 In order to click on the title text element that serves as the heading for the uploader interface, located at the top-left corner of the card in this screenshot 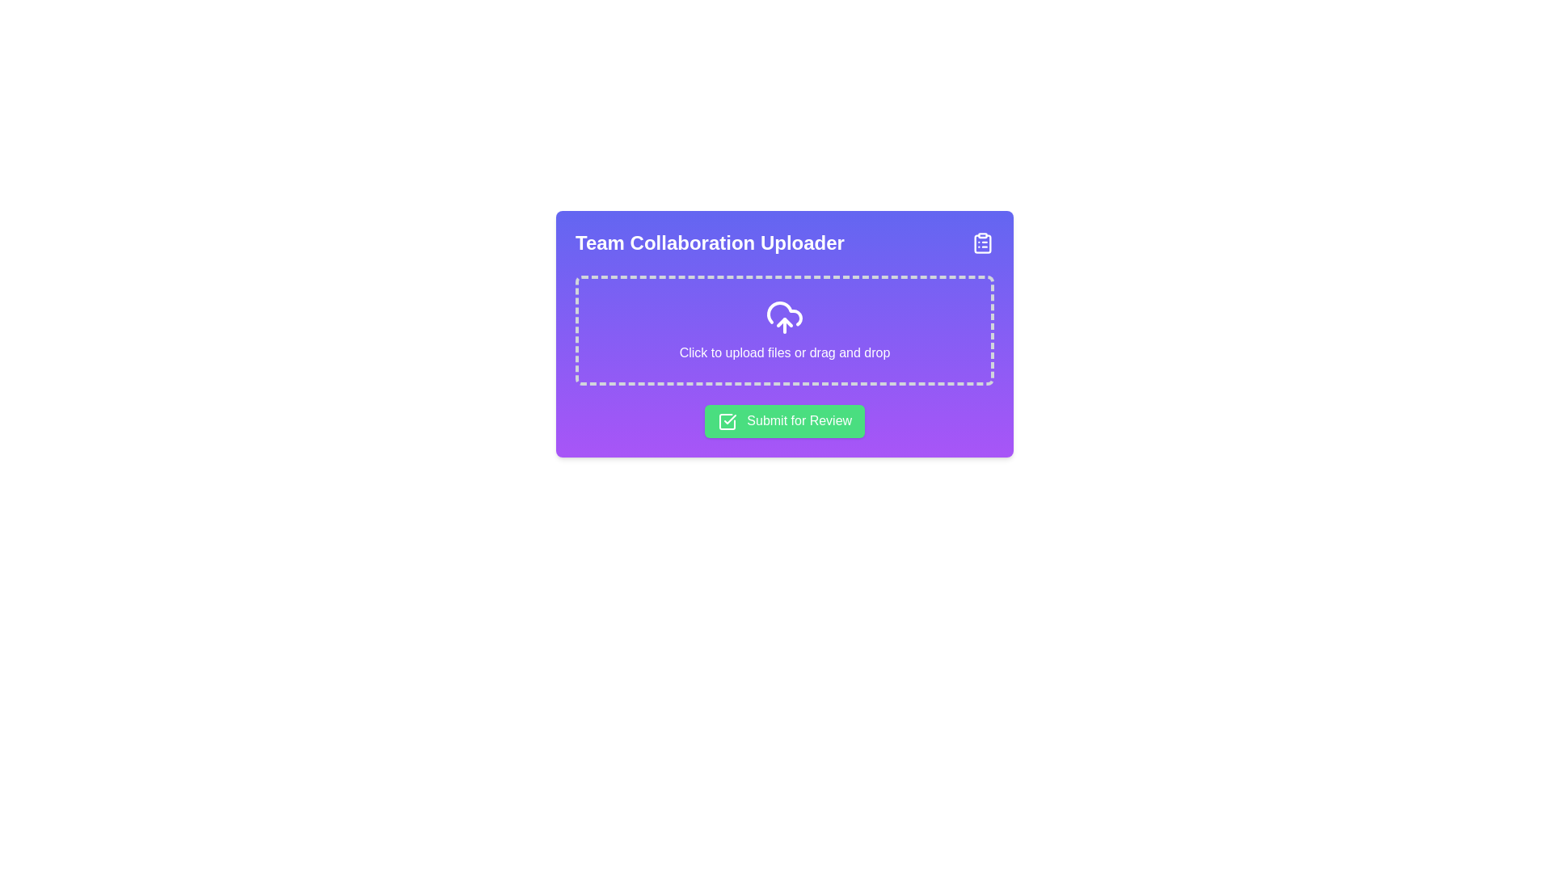, I will do `click(710, 242)`.